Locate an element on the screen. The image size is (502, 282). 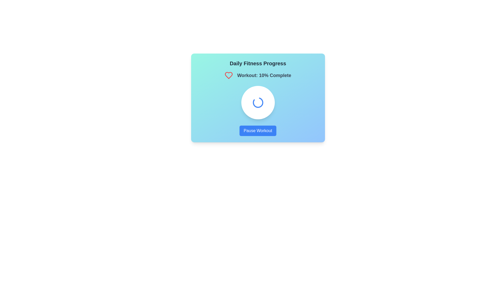
the informational label that reads 'Workout: 0% Complete' which is styled in bold gray font and situated next to a heart icon, located towards the upper center of a card interface is located at coordinates (258, 75).